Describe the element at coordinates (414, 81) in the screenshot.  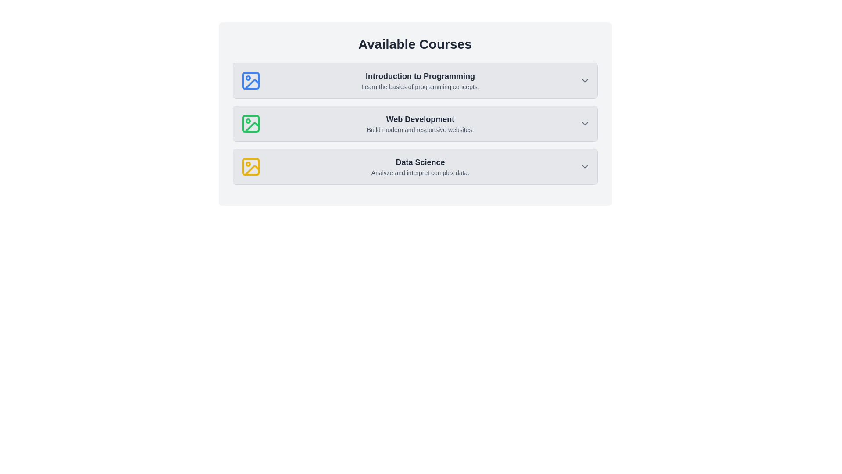
I see `the first list item` at that location.